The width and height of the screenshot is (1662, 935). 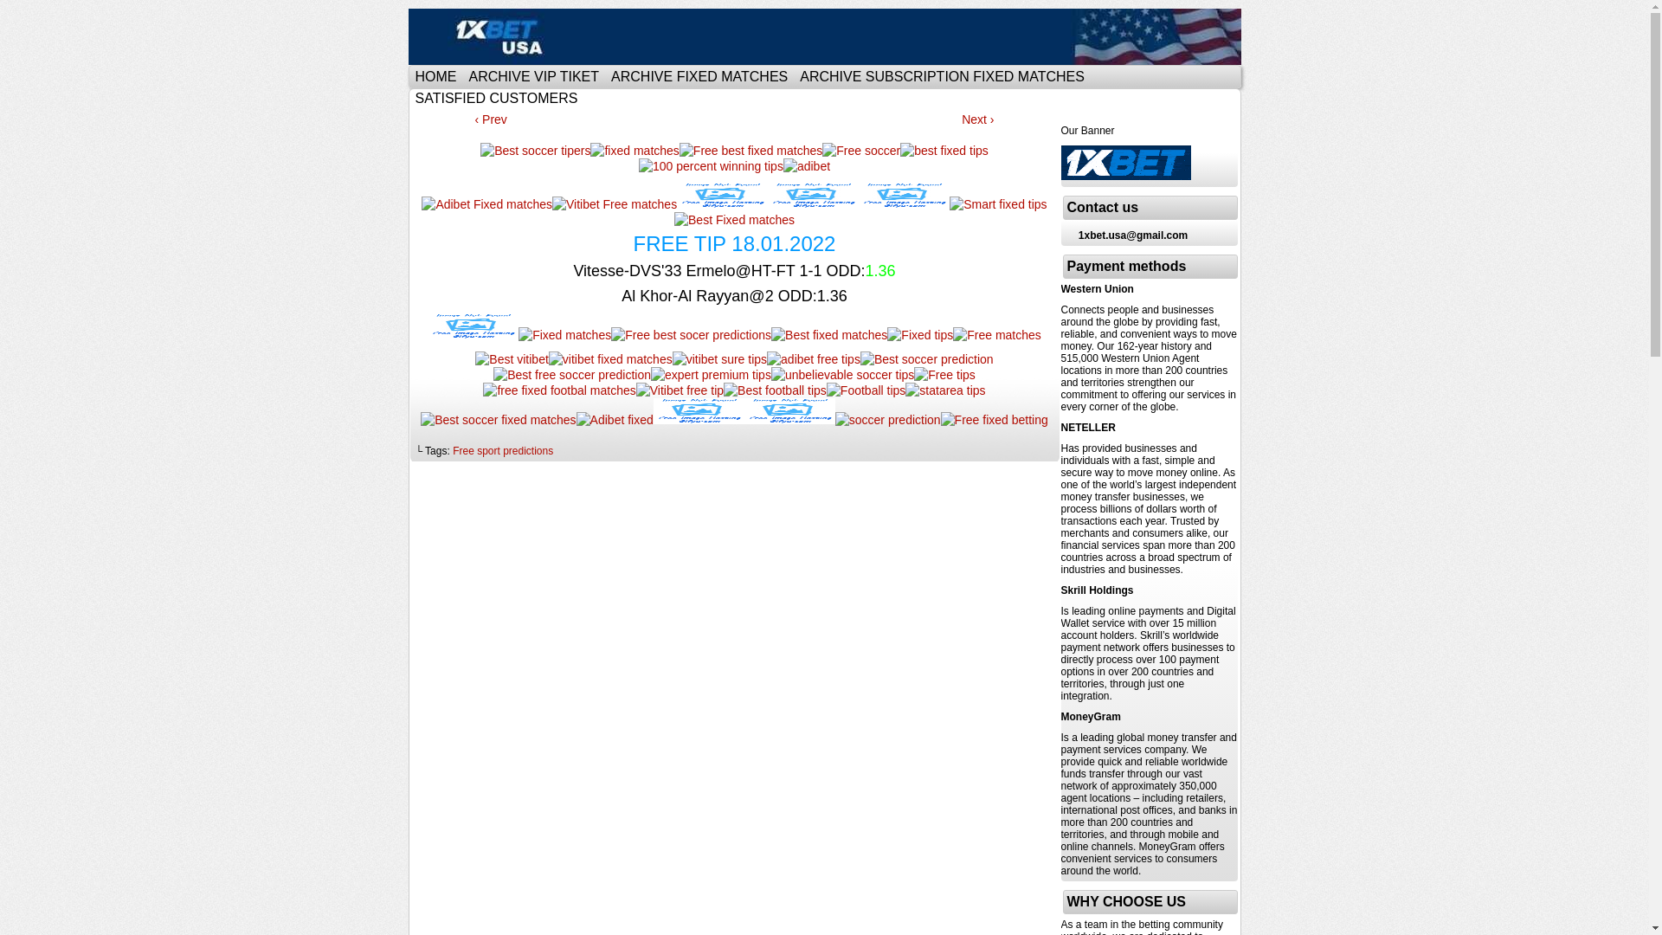 I want to click on 'Best vitibet', so click(x=474, y=358).